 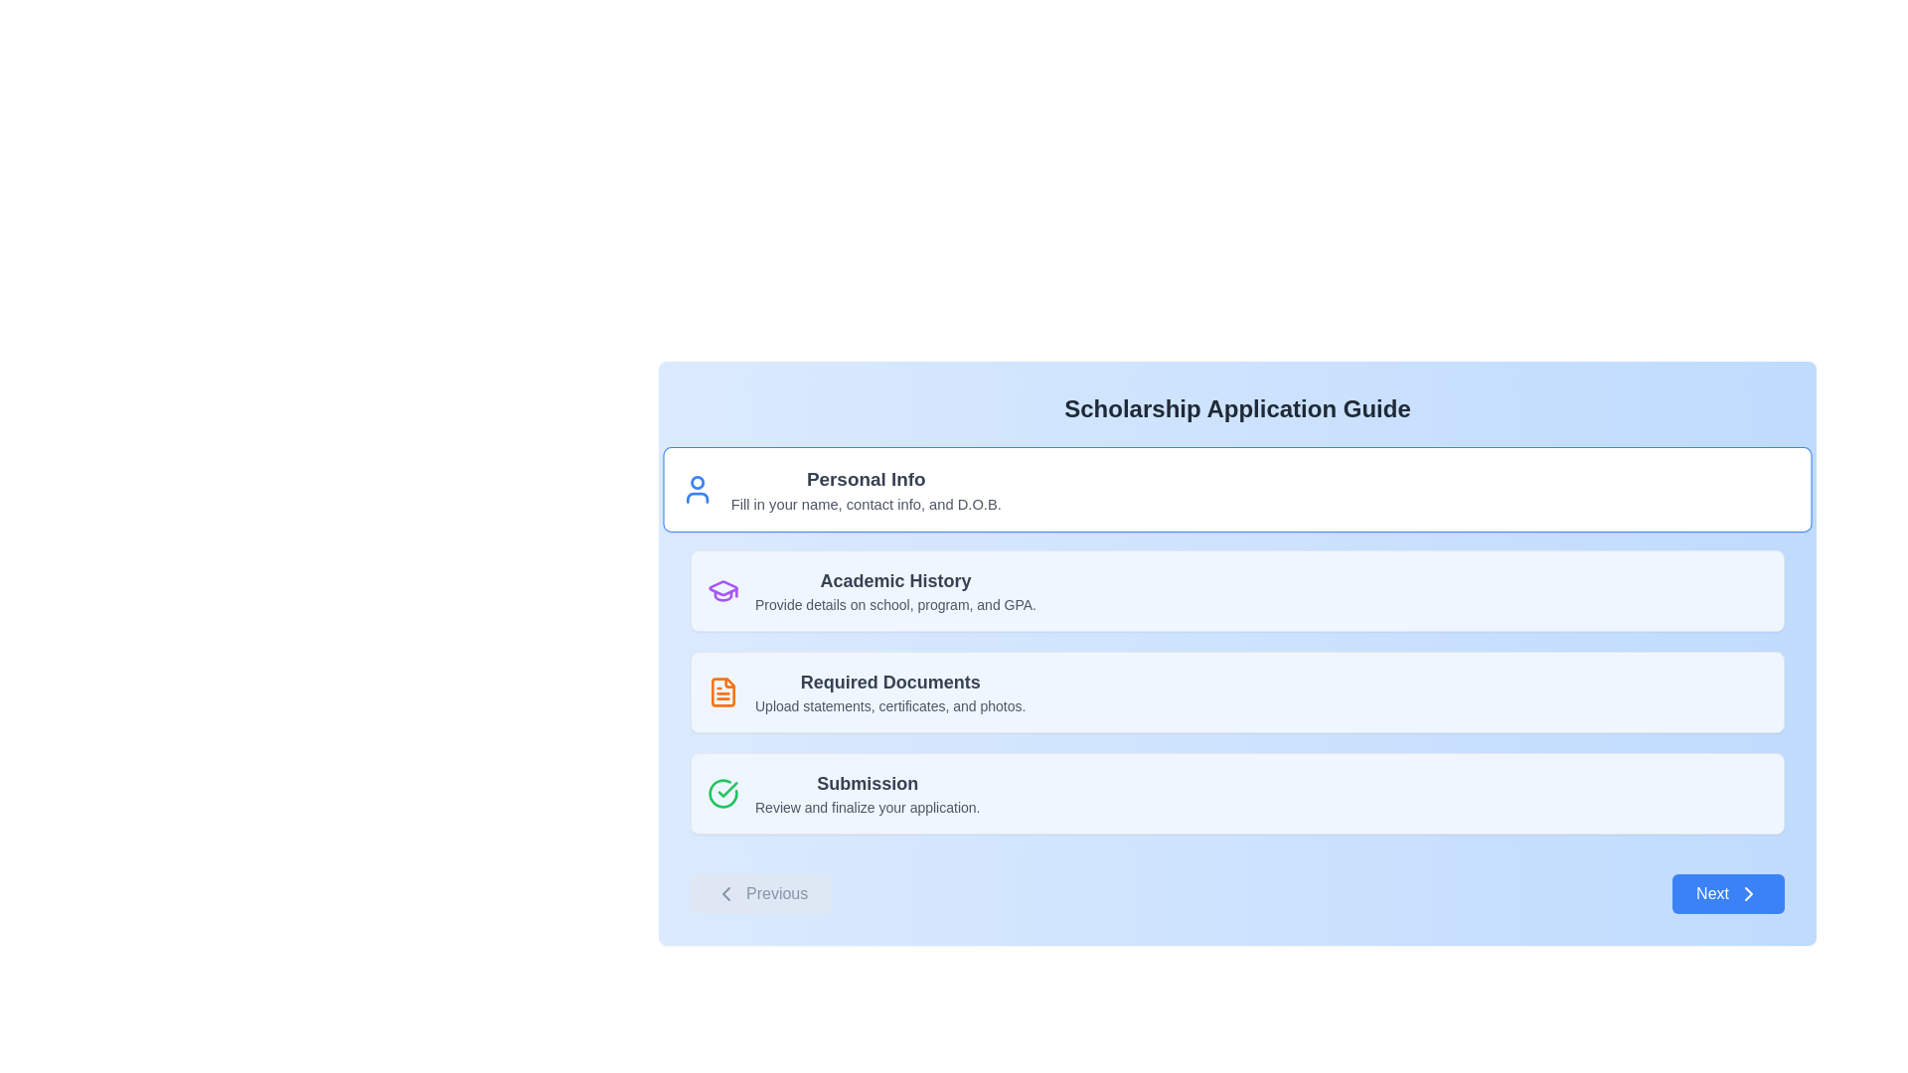 I want to click on the graduation cap icon, which is a bold purple vector graphic located to the left of the 'Academic History' section header, so click(x=722, y=587).